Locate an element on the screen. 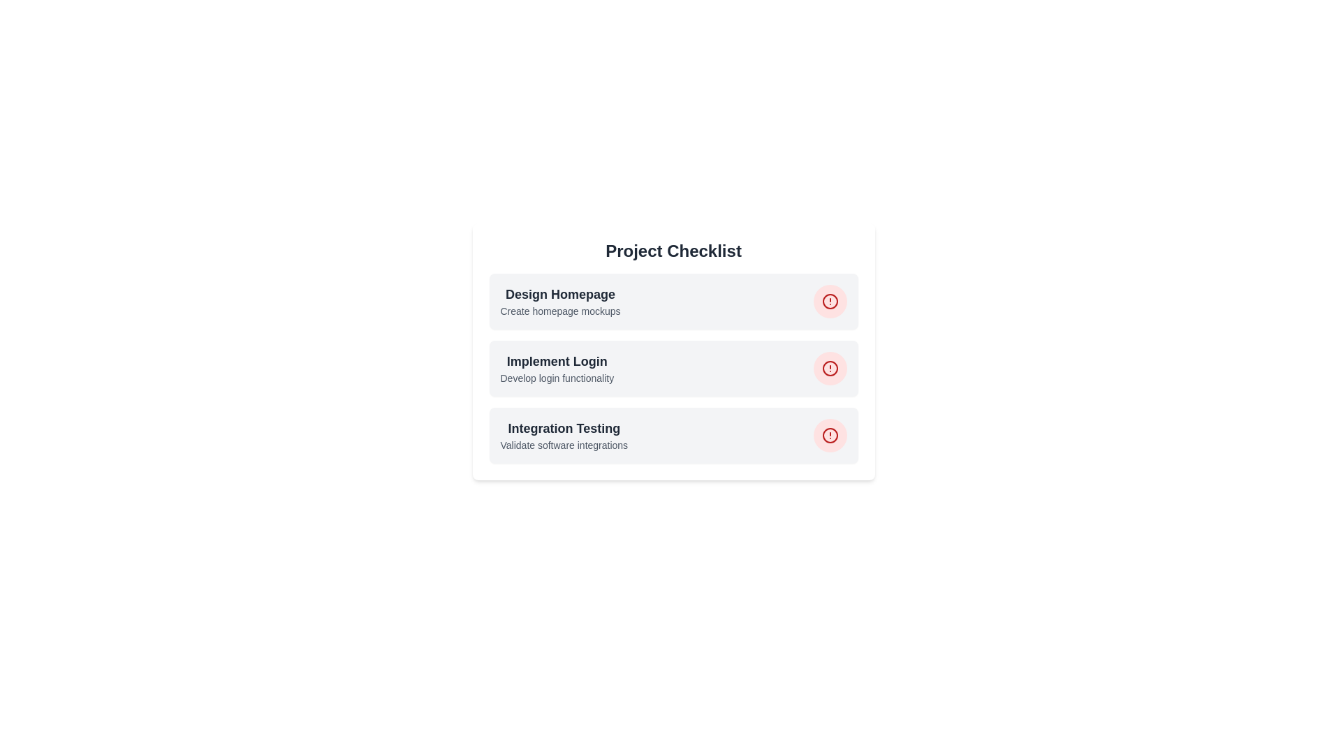 The width and height of the screenshot is (1341, 754). the primary header text label indicating the function or objective of the task within the checklist, which is positioned in the second card-like section, above the 'Integration Testing' section and below the 'Design Homepage' section is located at coordinates (556, 360).